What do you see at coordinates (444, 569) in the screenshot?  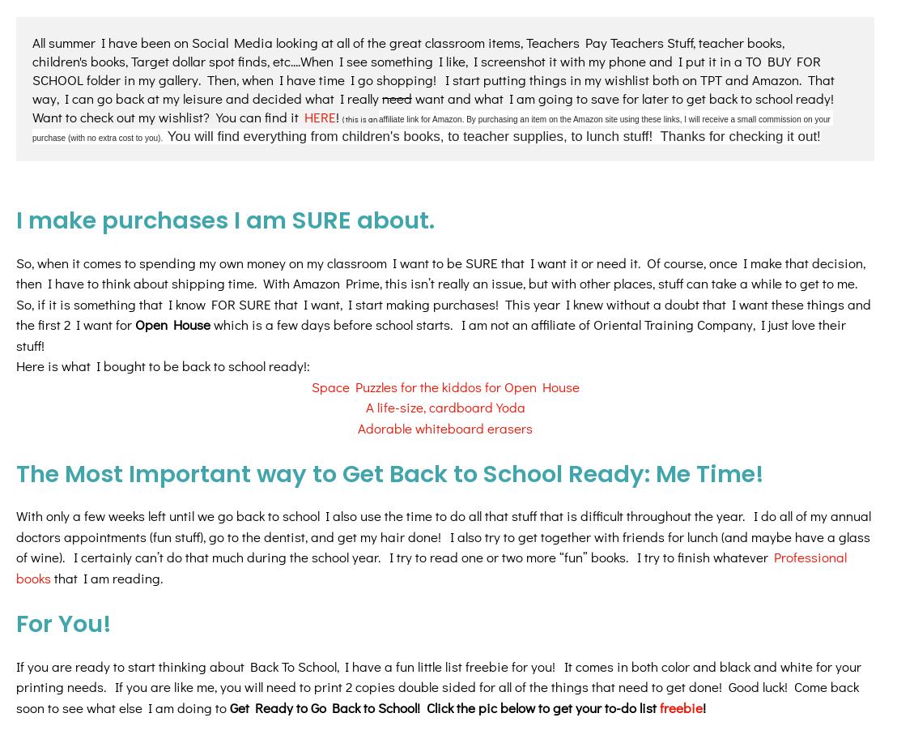 I see `'Get Ready to Go Back to School!  Click the pic below to get your to-do list'` at bounding box center [444, 569].